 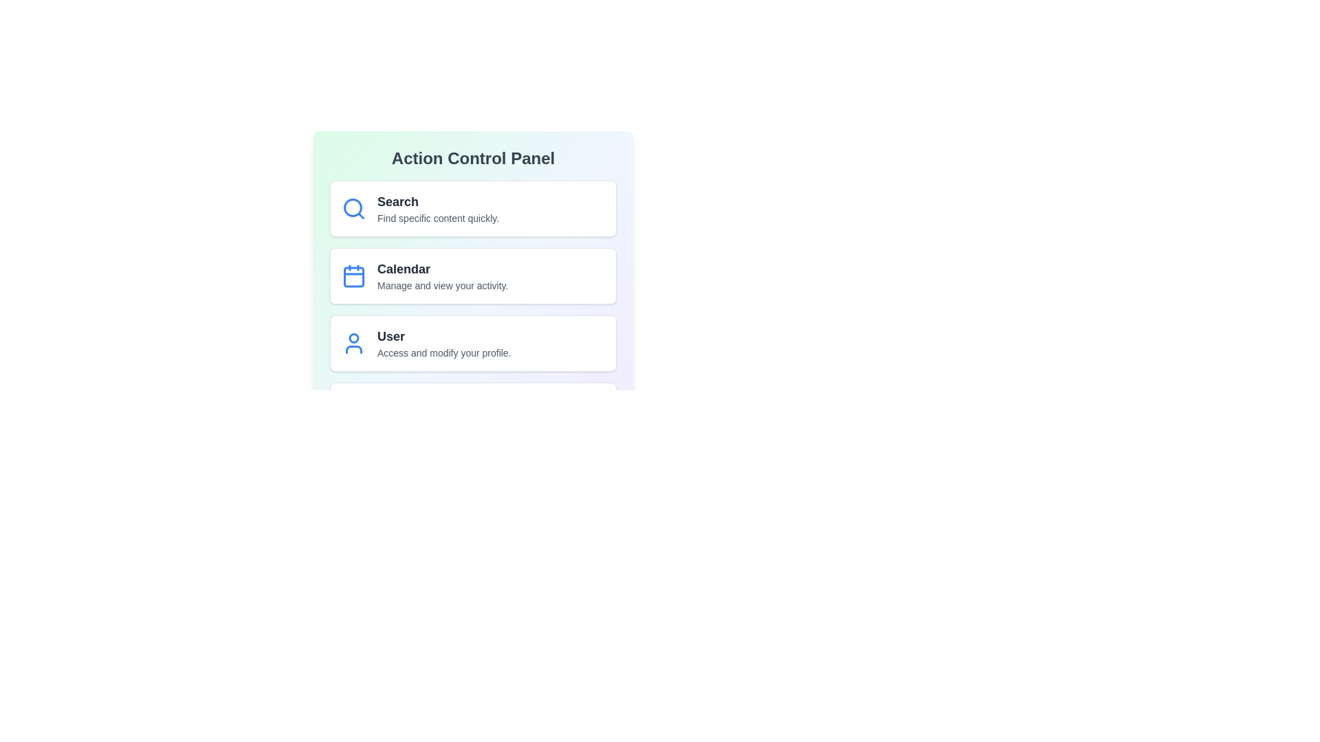 I want to click on the text label titled 'Action Control Panel', which is displayed in a bold and large font at the top center of the card-like section, so click(x=473, y=158).